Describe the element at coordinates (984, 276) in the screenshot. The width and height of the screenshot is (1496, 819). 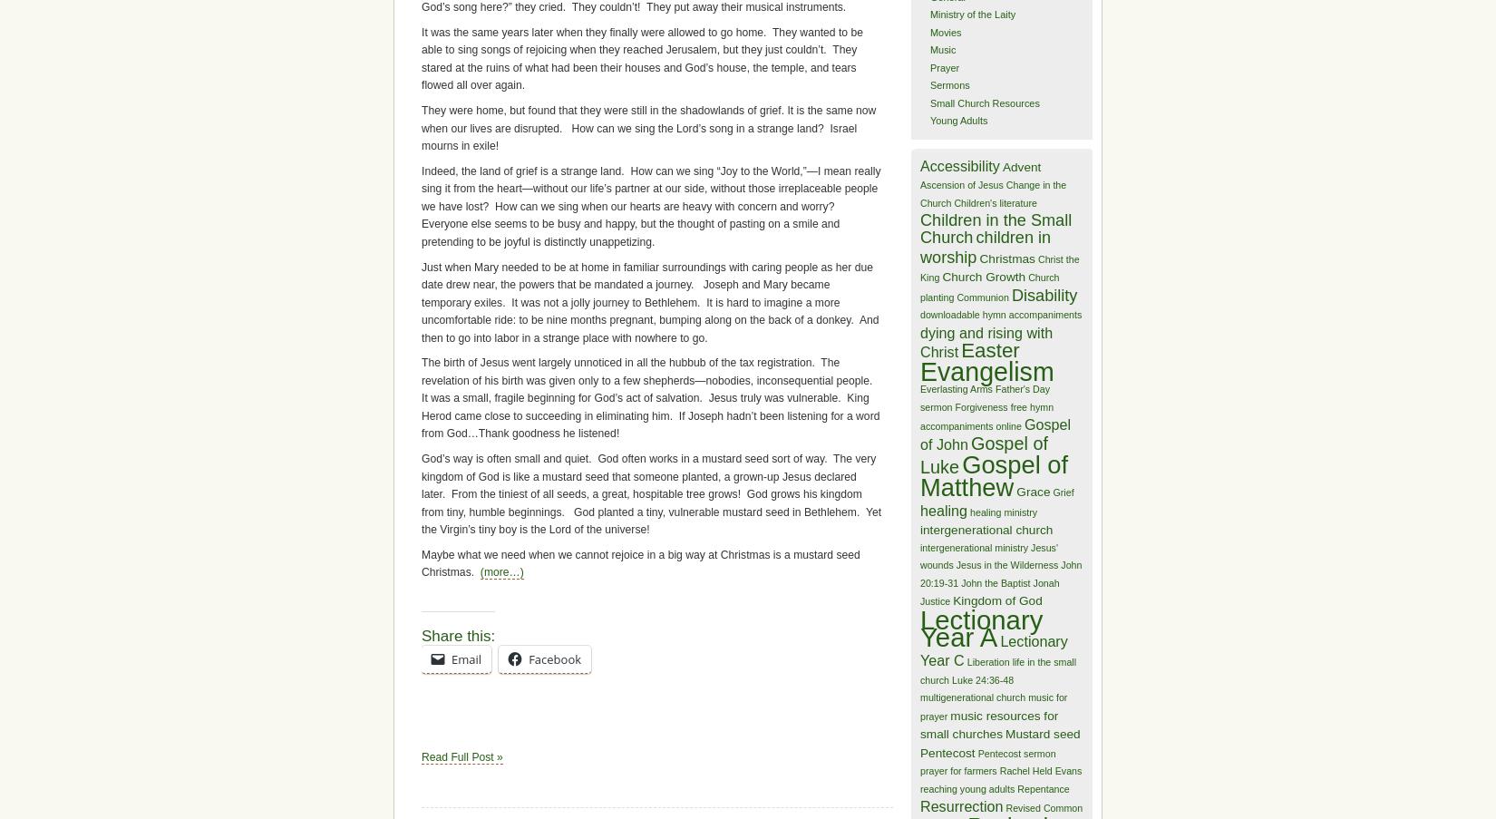
I see `'Church Growth'` at that location.